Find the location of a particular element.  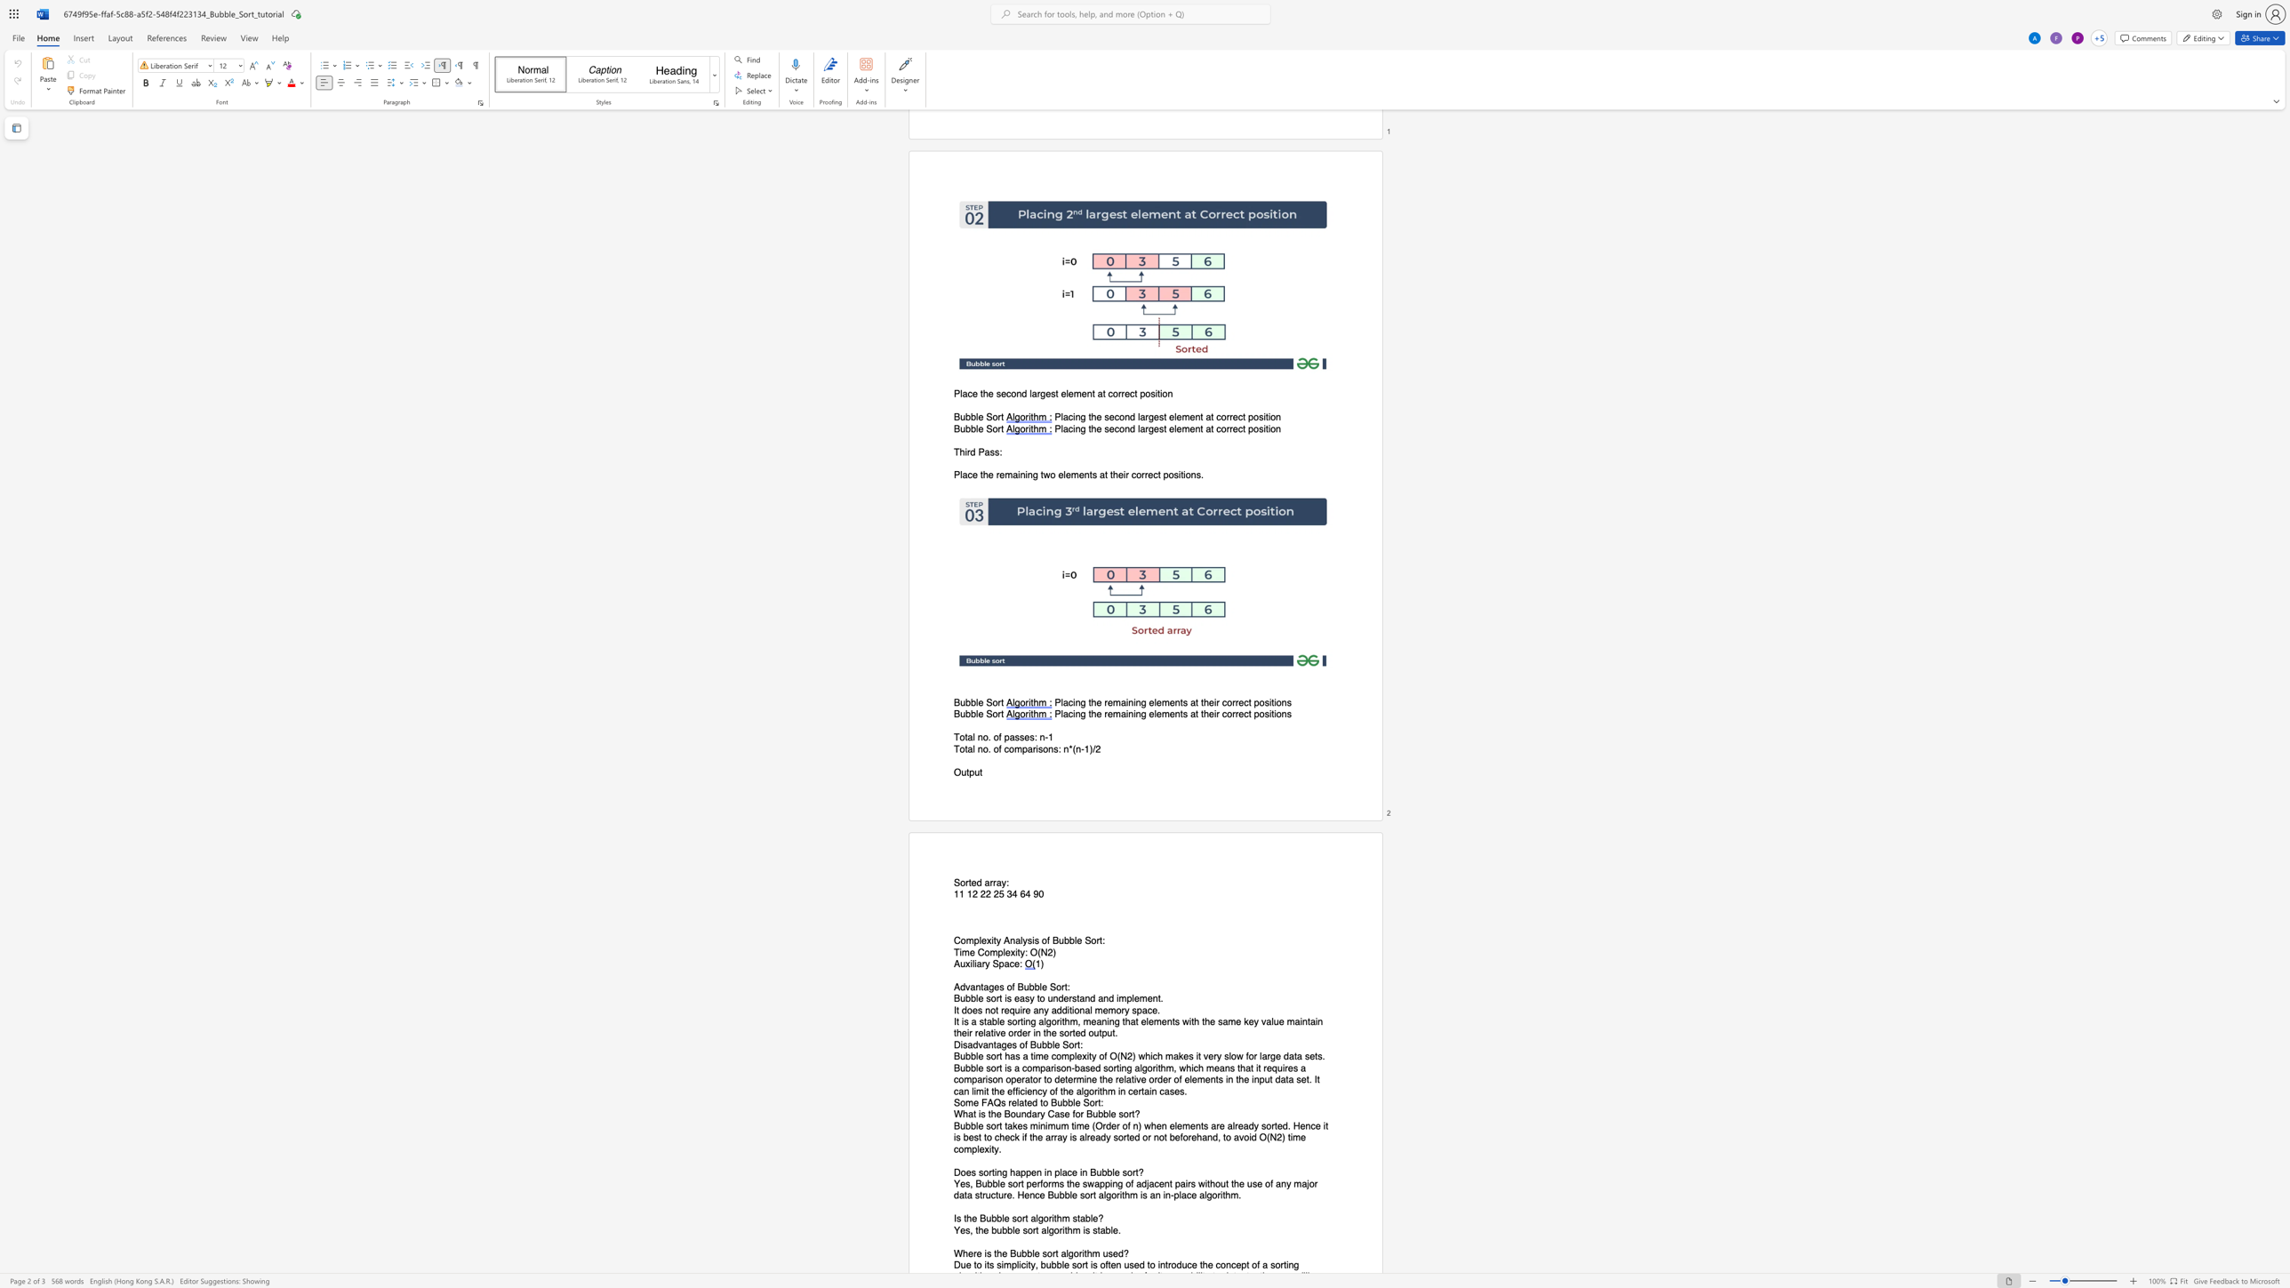

the 1th character "b" in the text is located at coordinates (967, 702).